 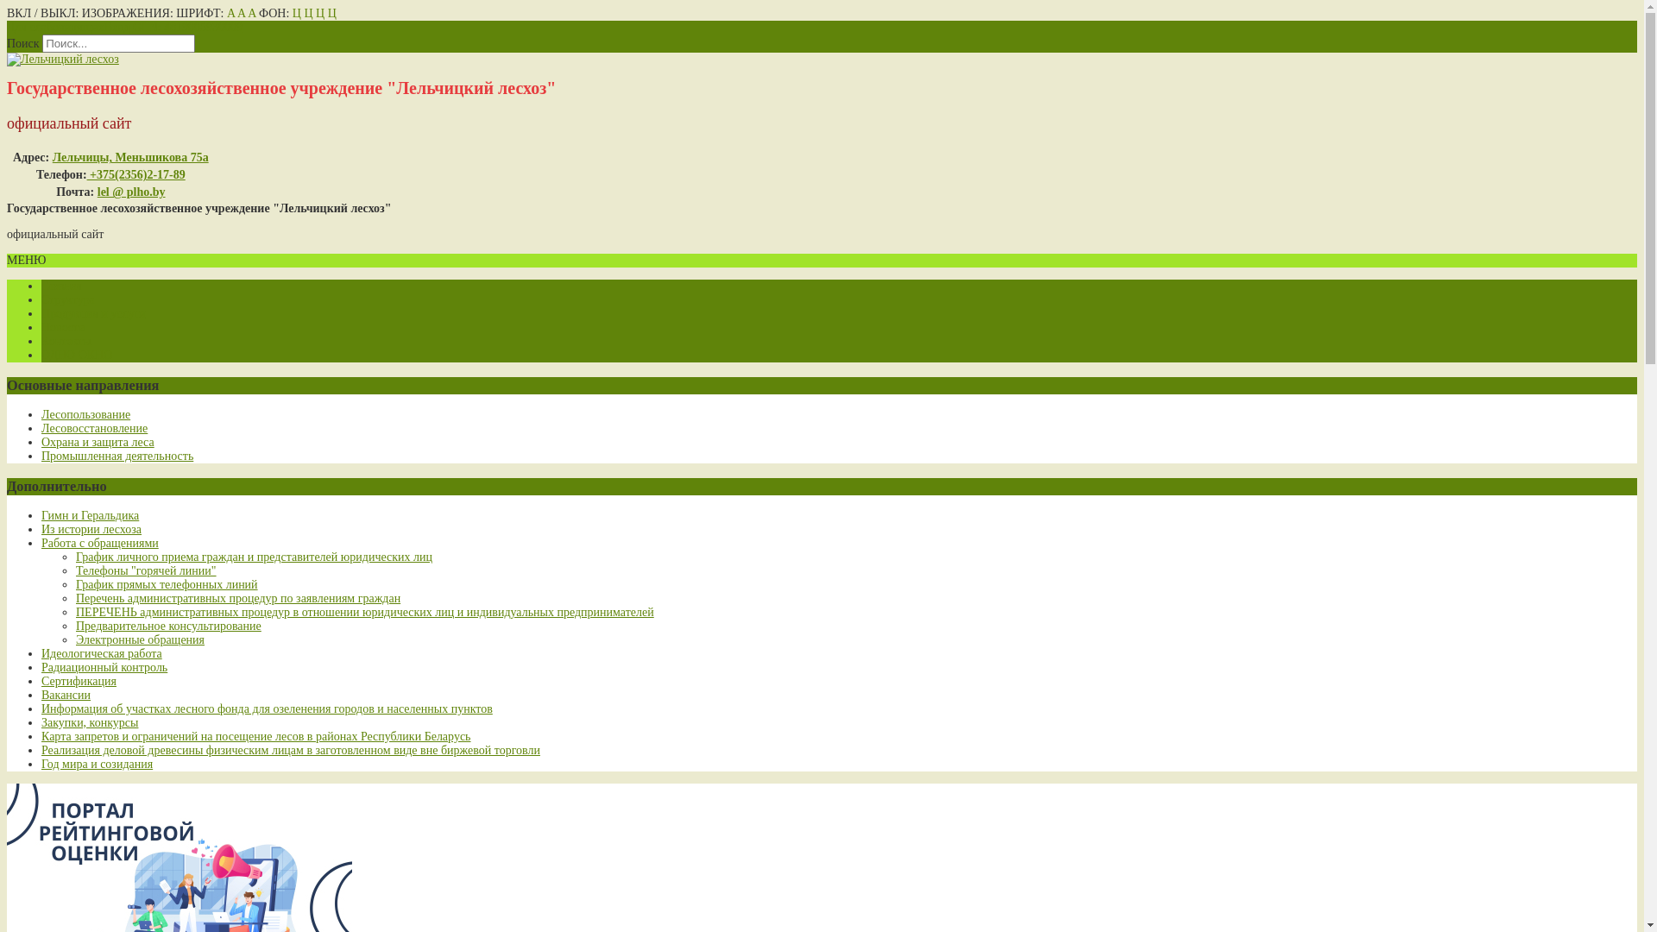 I want to click on 'A', so click(x=250, y=13).